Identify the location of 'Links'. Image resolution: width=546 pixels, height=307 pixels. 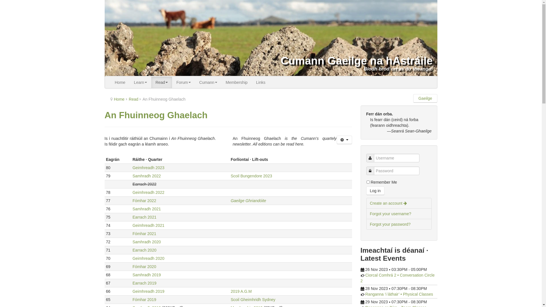
(260, 82).